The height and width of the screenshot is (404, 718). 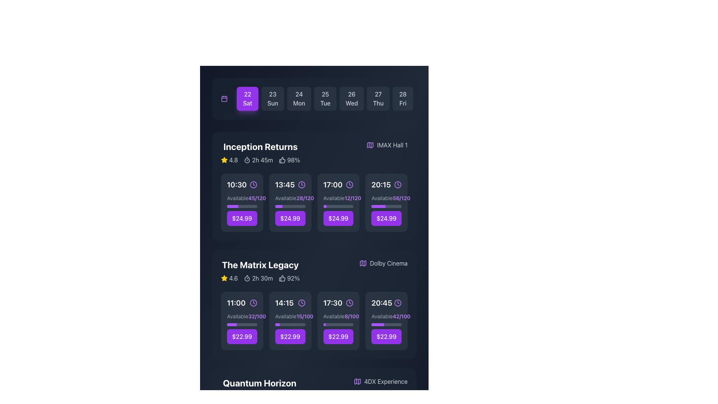 What do you see at coordinates (242, 328) in the screenshot?
I see `the progress bar of the element displaying 'Available32/100' to understand seat availability visually` at bounding box center [242, 328].